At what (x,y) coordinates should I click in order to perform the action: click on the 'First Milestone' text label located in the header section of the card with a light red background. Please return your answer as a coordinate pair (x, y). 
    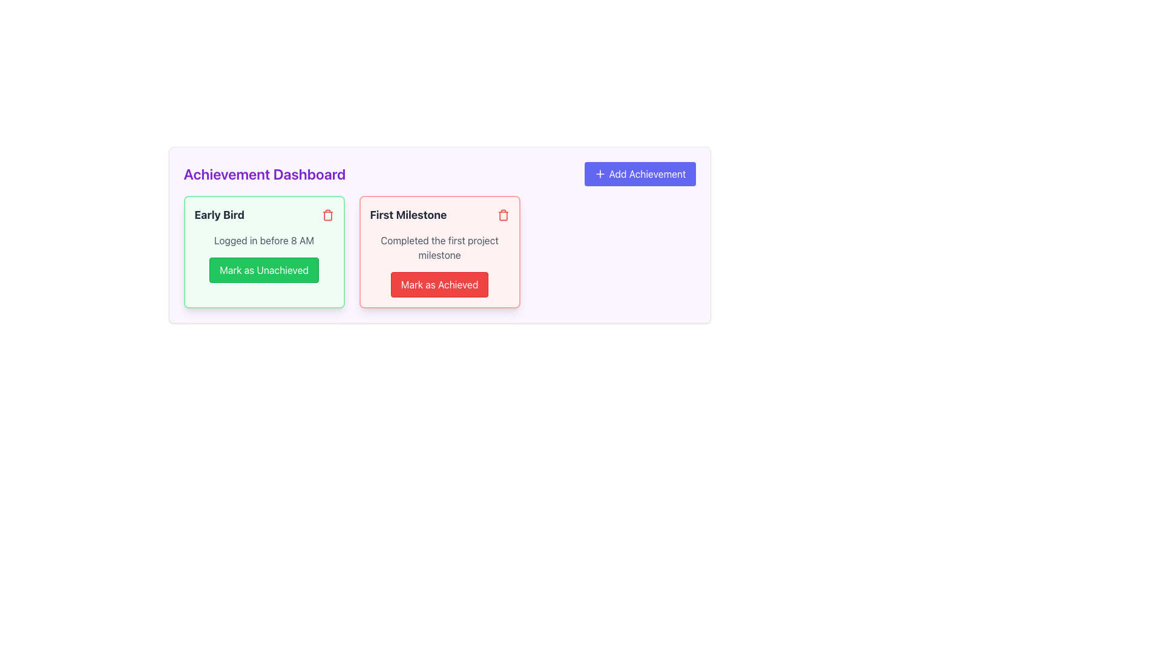
    Looking at the image, I should click on (439, 214).